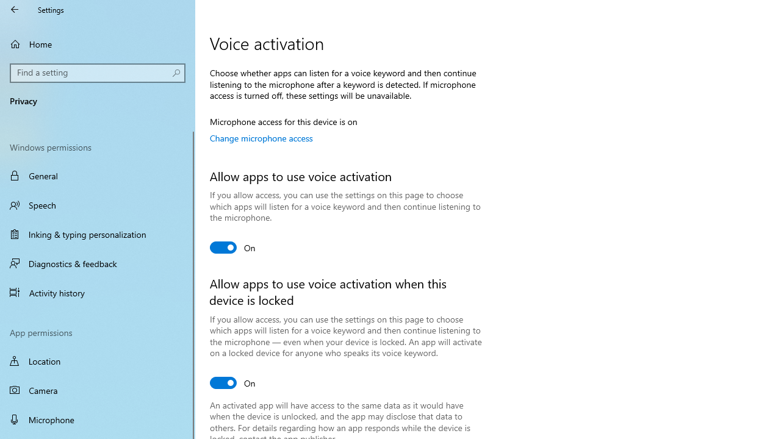 The width and height of the screenshot is (781, 439). I want to click on 'Search box, Find a setting', so click(98, 73).